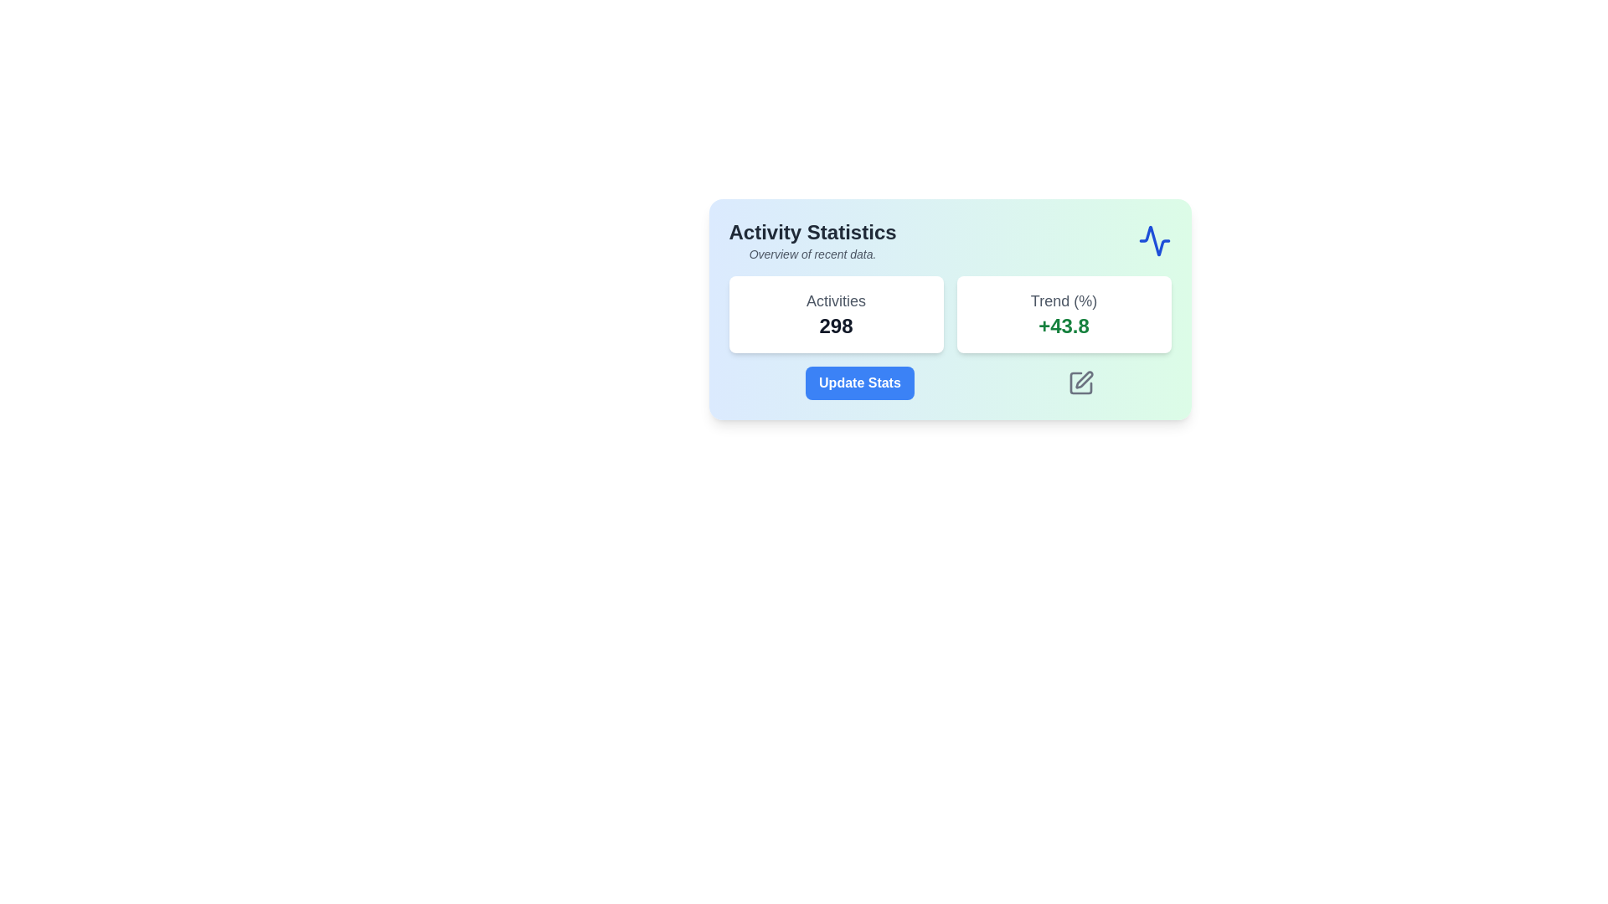 The width and height of the screenshot is (1608, 904). Describe the element at coordinates (1153, 241) in the screenshot. I see `the blue activity symbol icon resembling a waveform located at the top-right corner of the 'Activity Statistics' section` at that location.